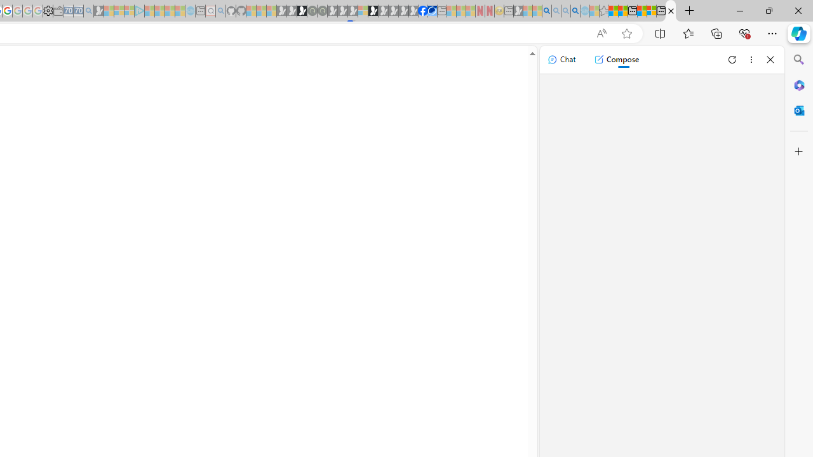  I want to click on 'Google Chrome Internet Browser Download - Search Images', so click(574, 11).